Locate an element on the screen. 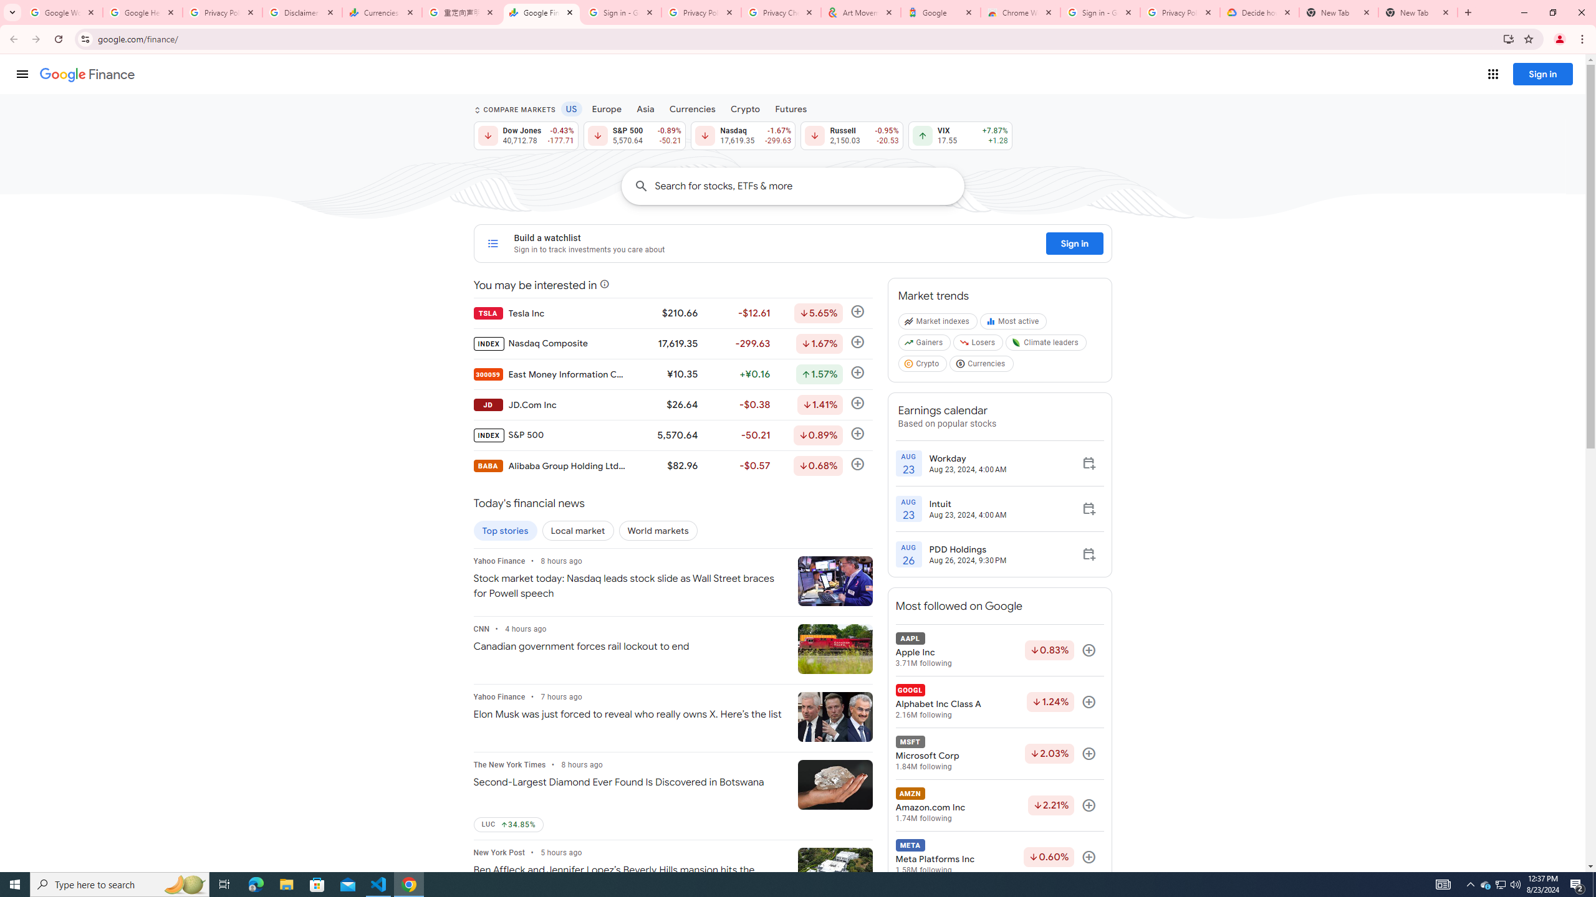  'GLeaf logo' is located at coordinates (1016, 342).